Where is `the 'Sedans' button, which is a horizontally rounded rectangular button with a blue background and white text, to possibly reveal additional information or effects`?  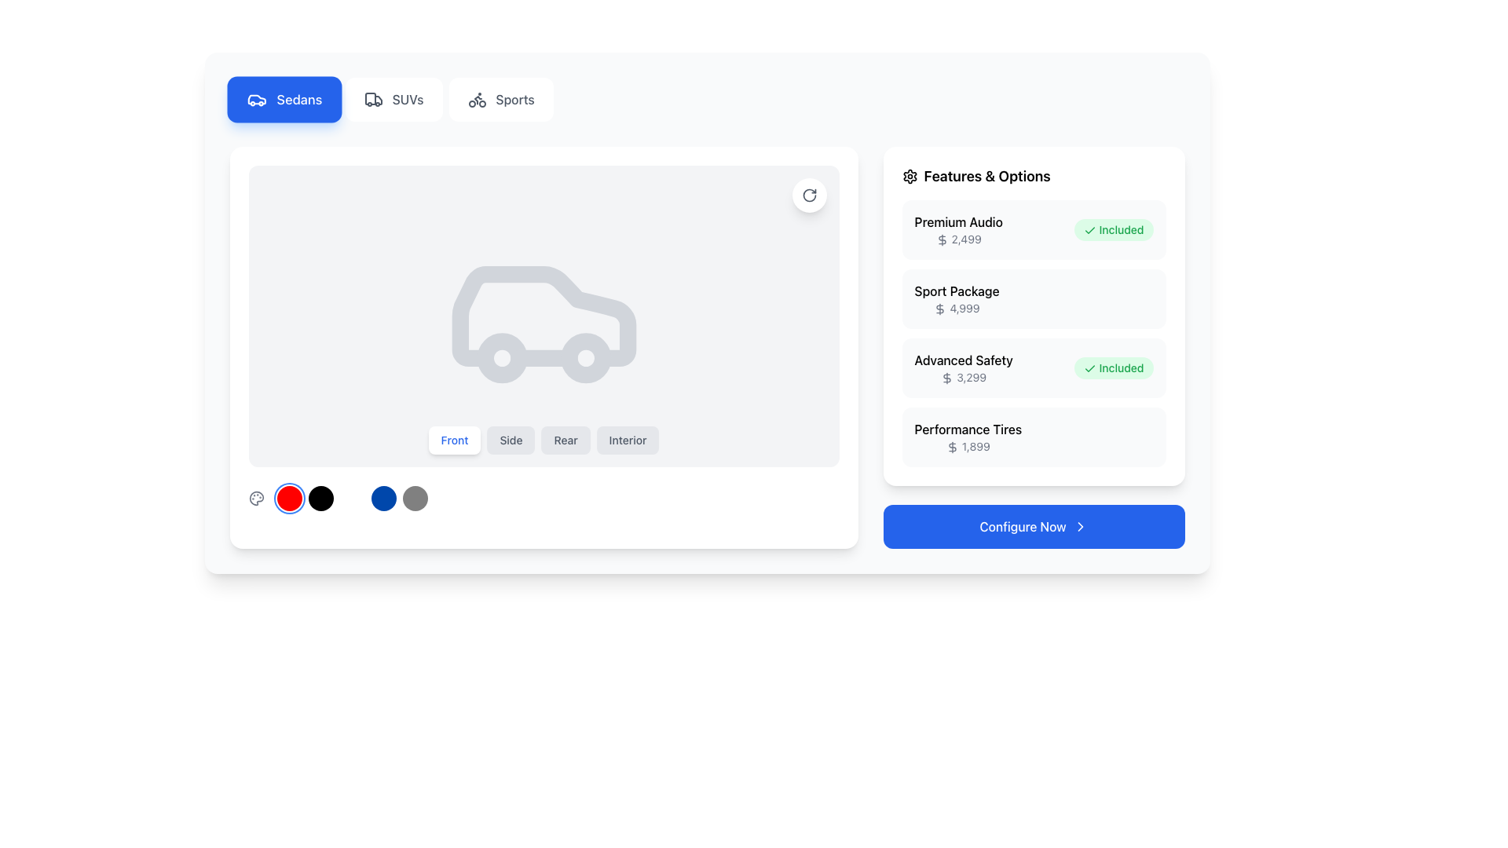 the 'Sedans' button, which is a horizontally rounded rectangular button with a blue background and white text, to possibly reveal additional information or effects is located at coordinates (284, 100).